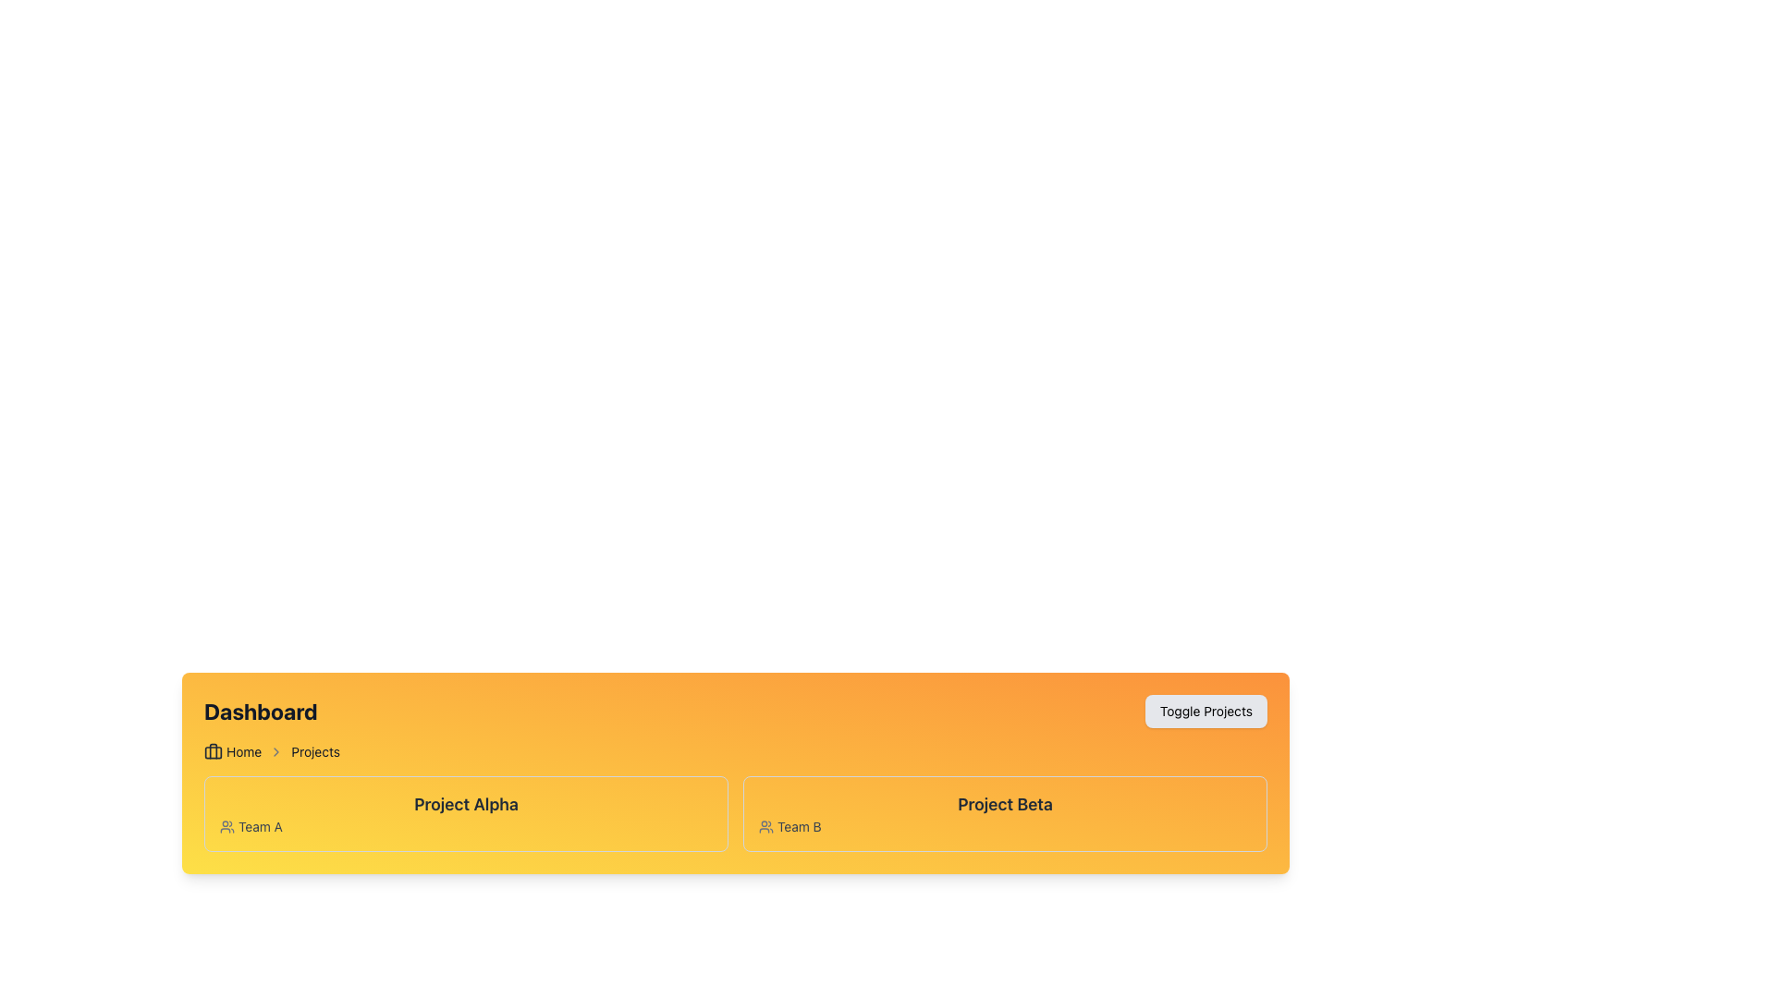 Image resolution: width=1775 pixels, height=998 pixels. Describe the element at coordinates (243, 751) in the screenshot. I see `'Home' text label in the breadcrumb navigation located immediately to the right of the briefcase icon` at that location.